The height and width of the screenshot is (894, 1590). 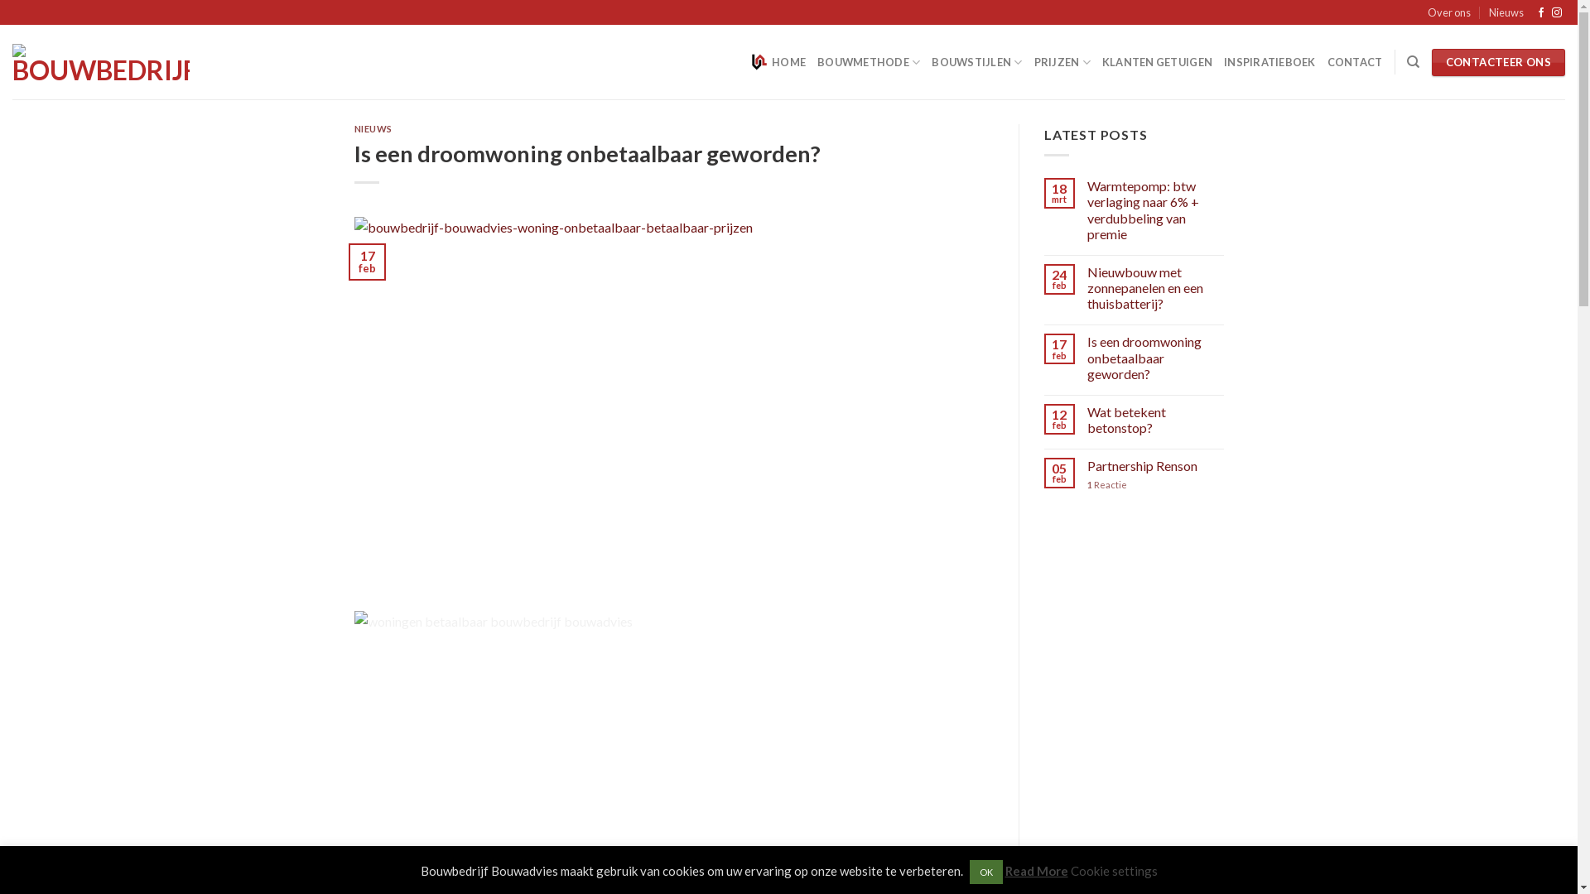 What do you see at coordinates (1269, 60) in the screenshot?
I see `'INSPIRATIEBOEK'` at bounding box center [1269, 60].